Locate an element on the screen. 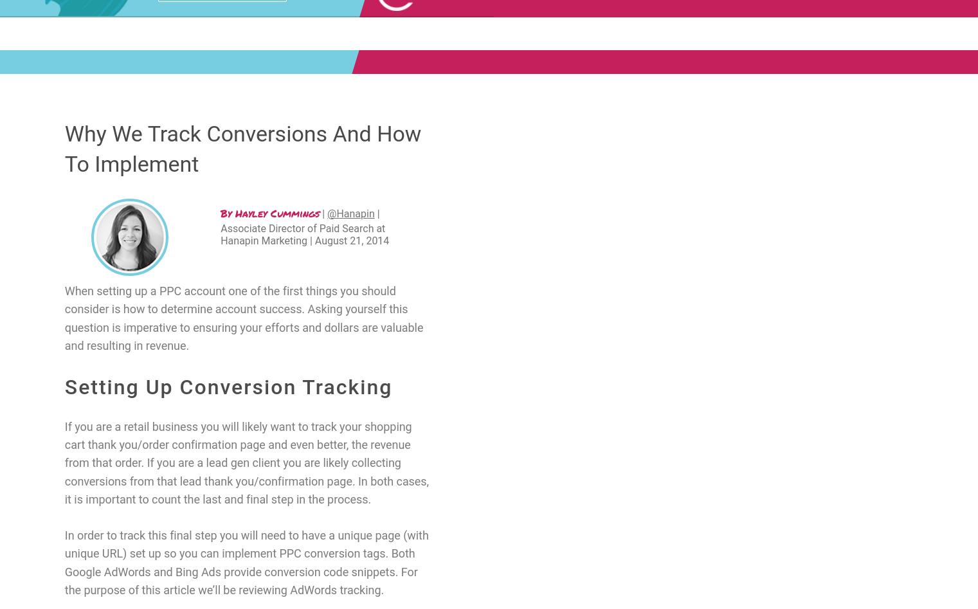 The image size is (978, 609). 'Setting Up Conversion Tracking' is located at coordinates (228, 386).